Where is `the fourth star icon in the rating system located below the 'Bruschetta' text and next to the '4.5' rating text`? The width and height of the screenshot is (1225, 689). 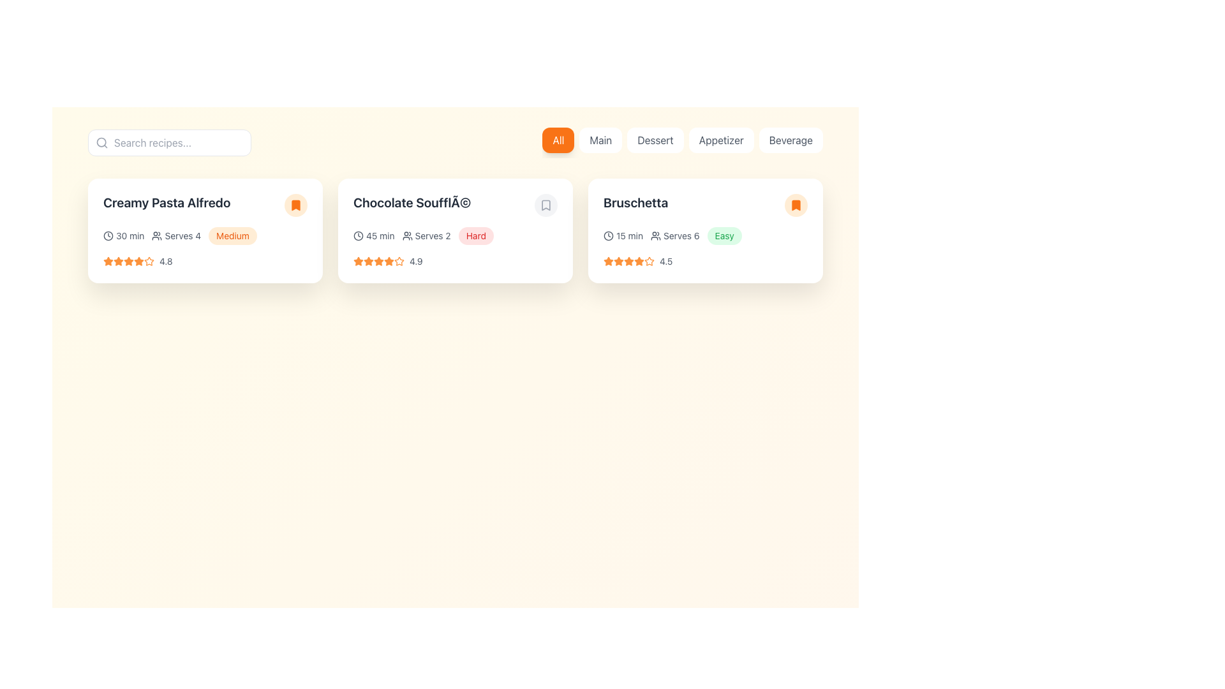
the fourth star icon in the rating system located below the 'Bruschetta' text and next to the '4.5' rating text is located at coordinates (628, 260).